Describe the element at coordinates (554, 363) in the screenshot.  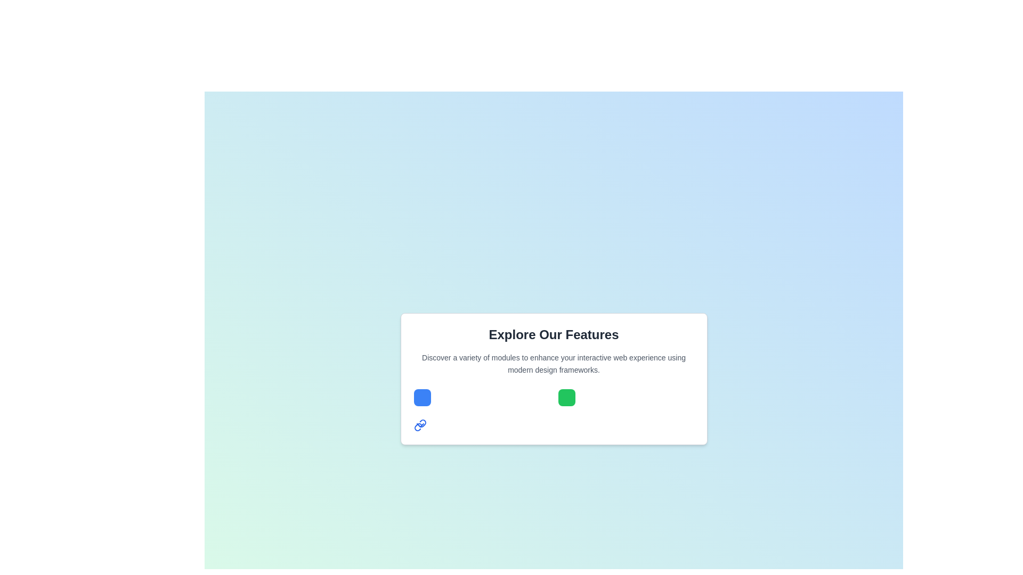
I see `the text block containing the message 'Discover a variety of modules to enhance your interactive web experience using modern design frameworks.' which is styled in a small, gray font within a white card under the title 'Explore Our Features'` at that location.